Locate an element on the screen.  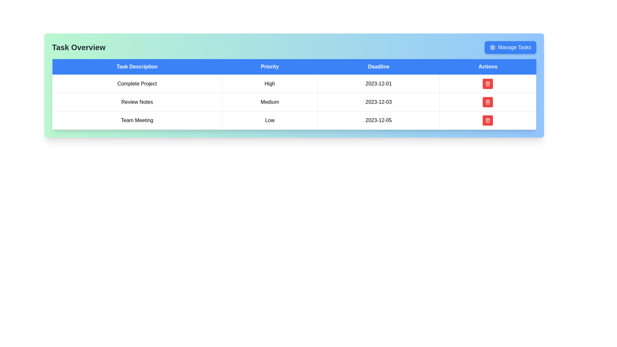
the 'Medium' text label in the 'Priority' column and 'Review Notes' row of the table under the 'Task Overview' section is located at coordinates (270, 102).